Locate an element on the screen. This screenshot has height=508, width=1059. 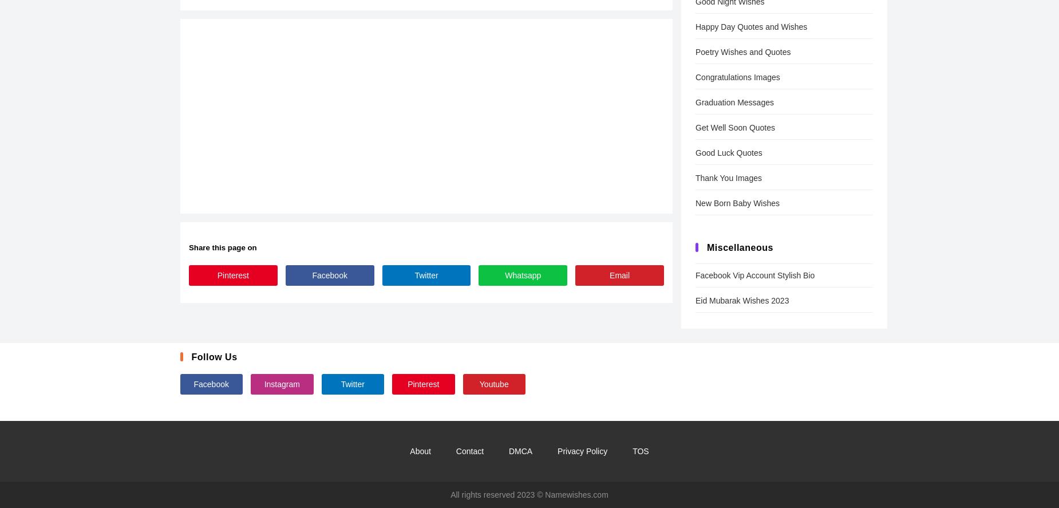
'TOS' is located at coordinates (640, 451).